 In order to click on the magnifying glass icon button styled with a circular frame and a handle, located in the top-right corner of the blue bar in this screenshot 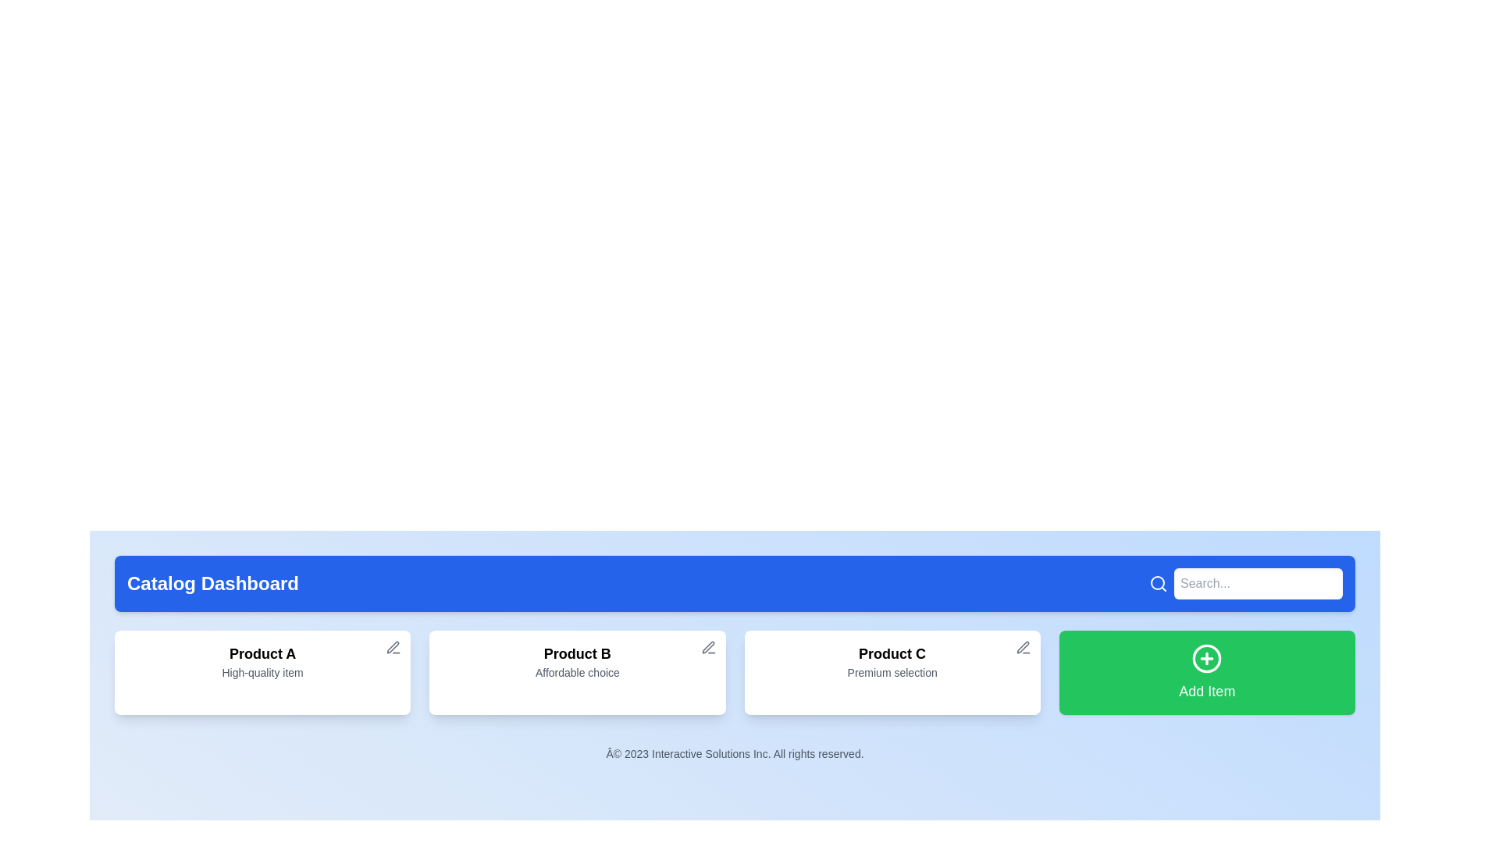, I will do `click(1158, 584)`.